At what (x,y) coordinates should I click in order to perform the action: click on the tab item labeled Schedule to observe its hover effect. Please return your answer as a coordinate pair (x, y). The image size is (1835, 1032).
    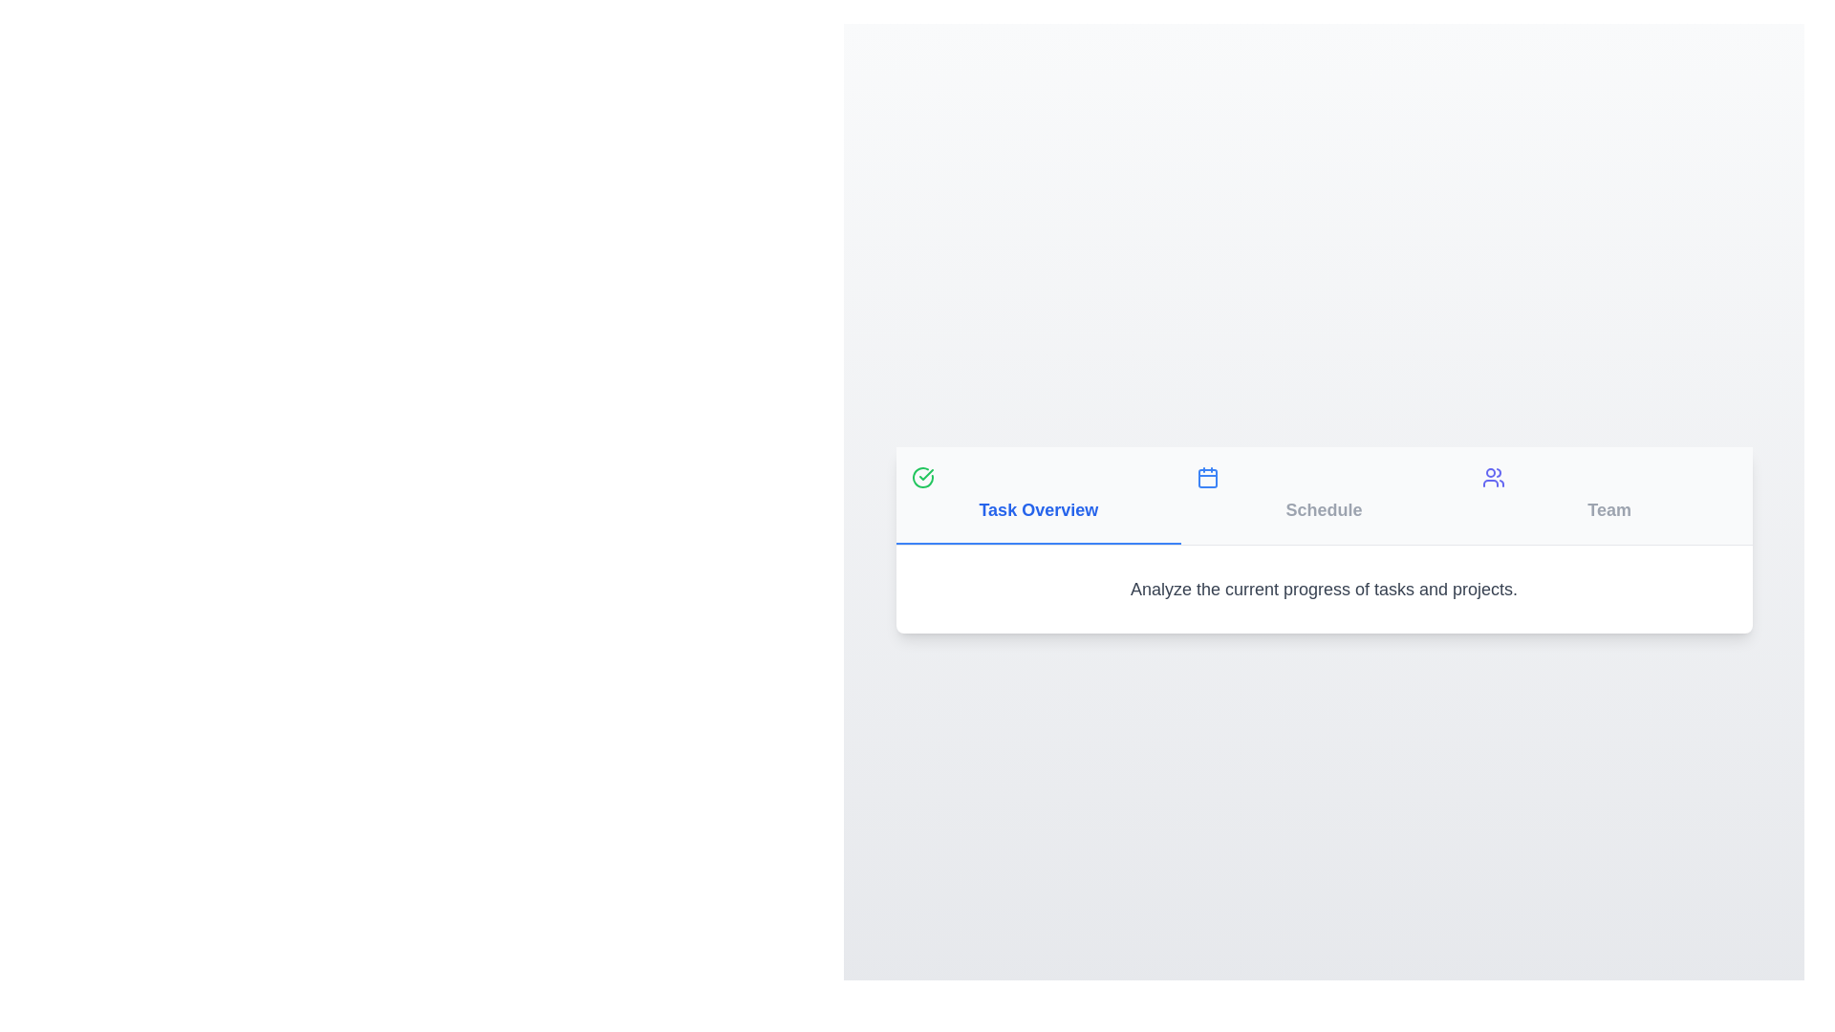
    Looking at the image, I should click on (1323, 494).